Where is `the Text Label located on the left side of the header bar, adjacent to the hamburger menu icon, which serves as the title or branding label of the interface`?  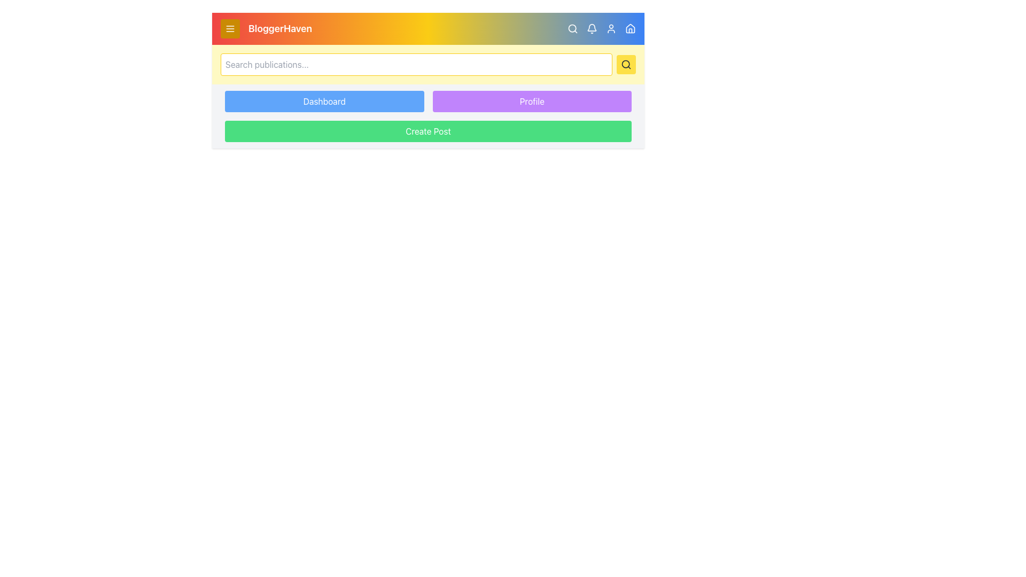 the Text Label located on the left side of the header bar, adjacent to the hamburger menu icon, which serves as the title or branding label of the interface is located at coordinates (266, 28).